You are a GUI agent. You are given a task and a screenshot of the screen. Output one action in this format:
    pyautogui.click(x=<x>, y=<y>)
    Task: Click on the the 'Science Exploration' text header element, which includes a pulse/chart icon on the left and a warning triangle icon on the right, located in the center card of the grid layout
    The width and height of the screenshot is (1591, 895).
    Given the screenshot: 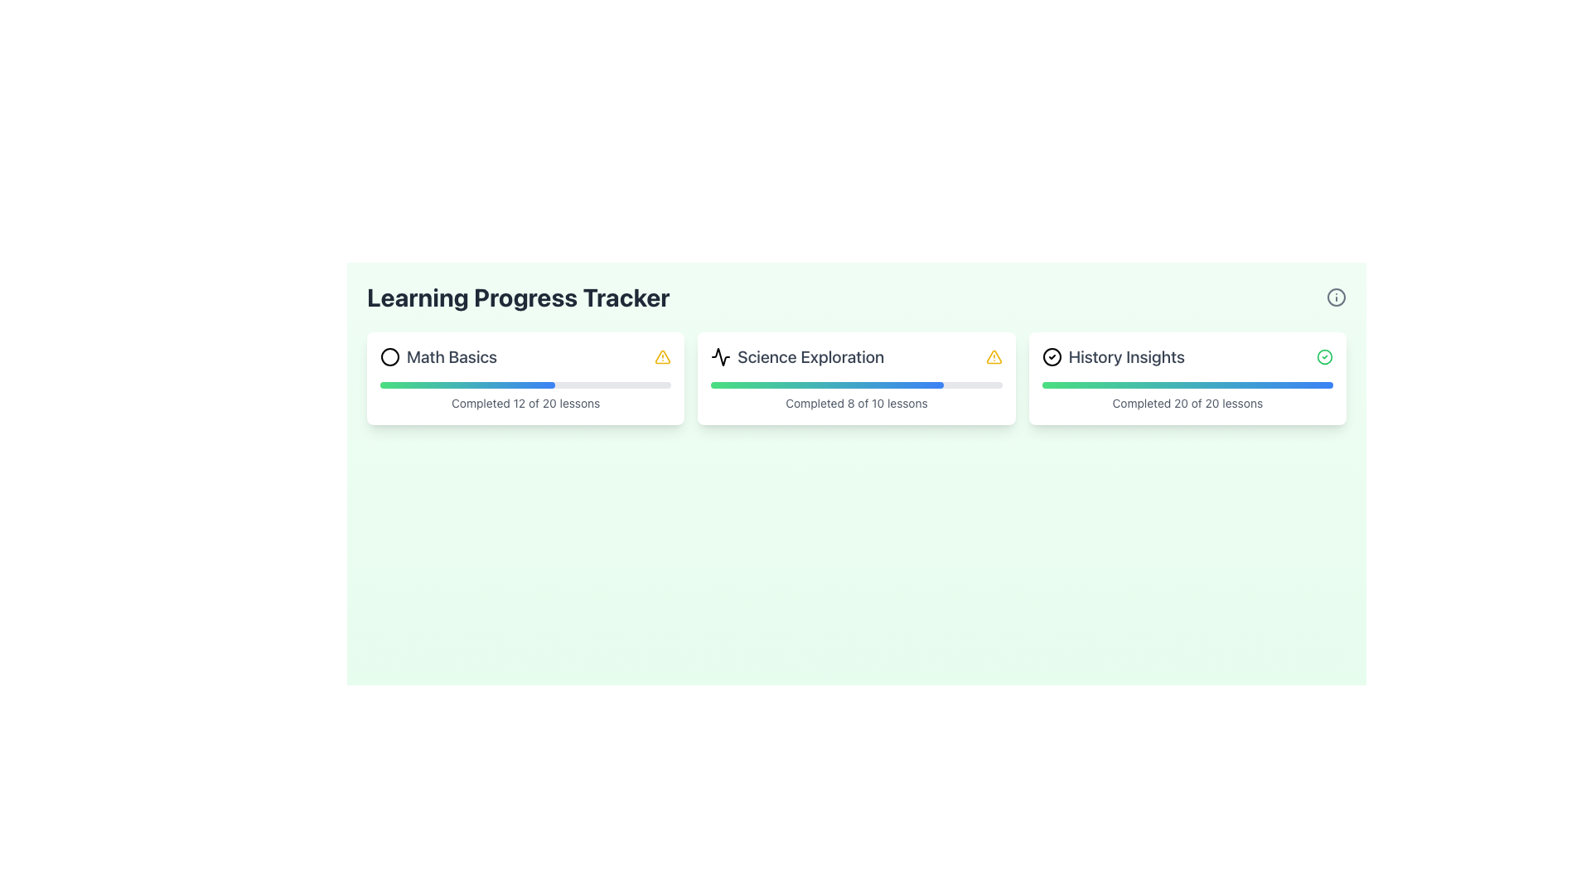 What is the action you would take?
    pyautogui.click(x=856, y=356)
    